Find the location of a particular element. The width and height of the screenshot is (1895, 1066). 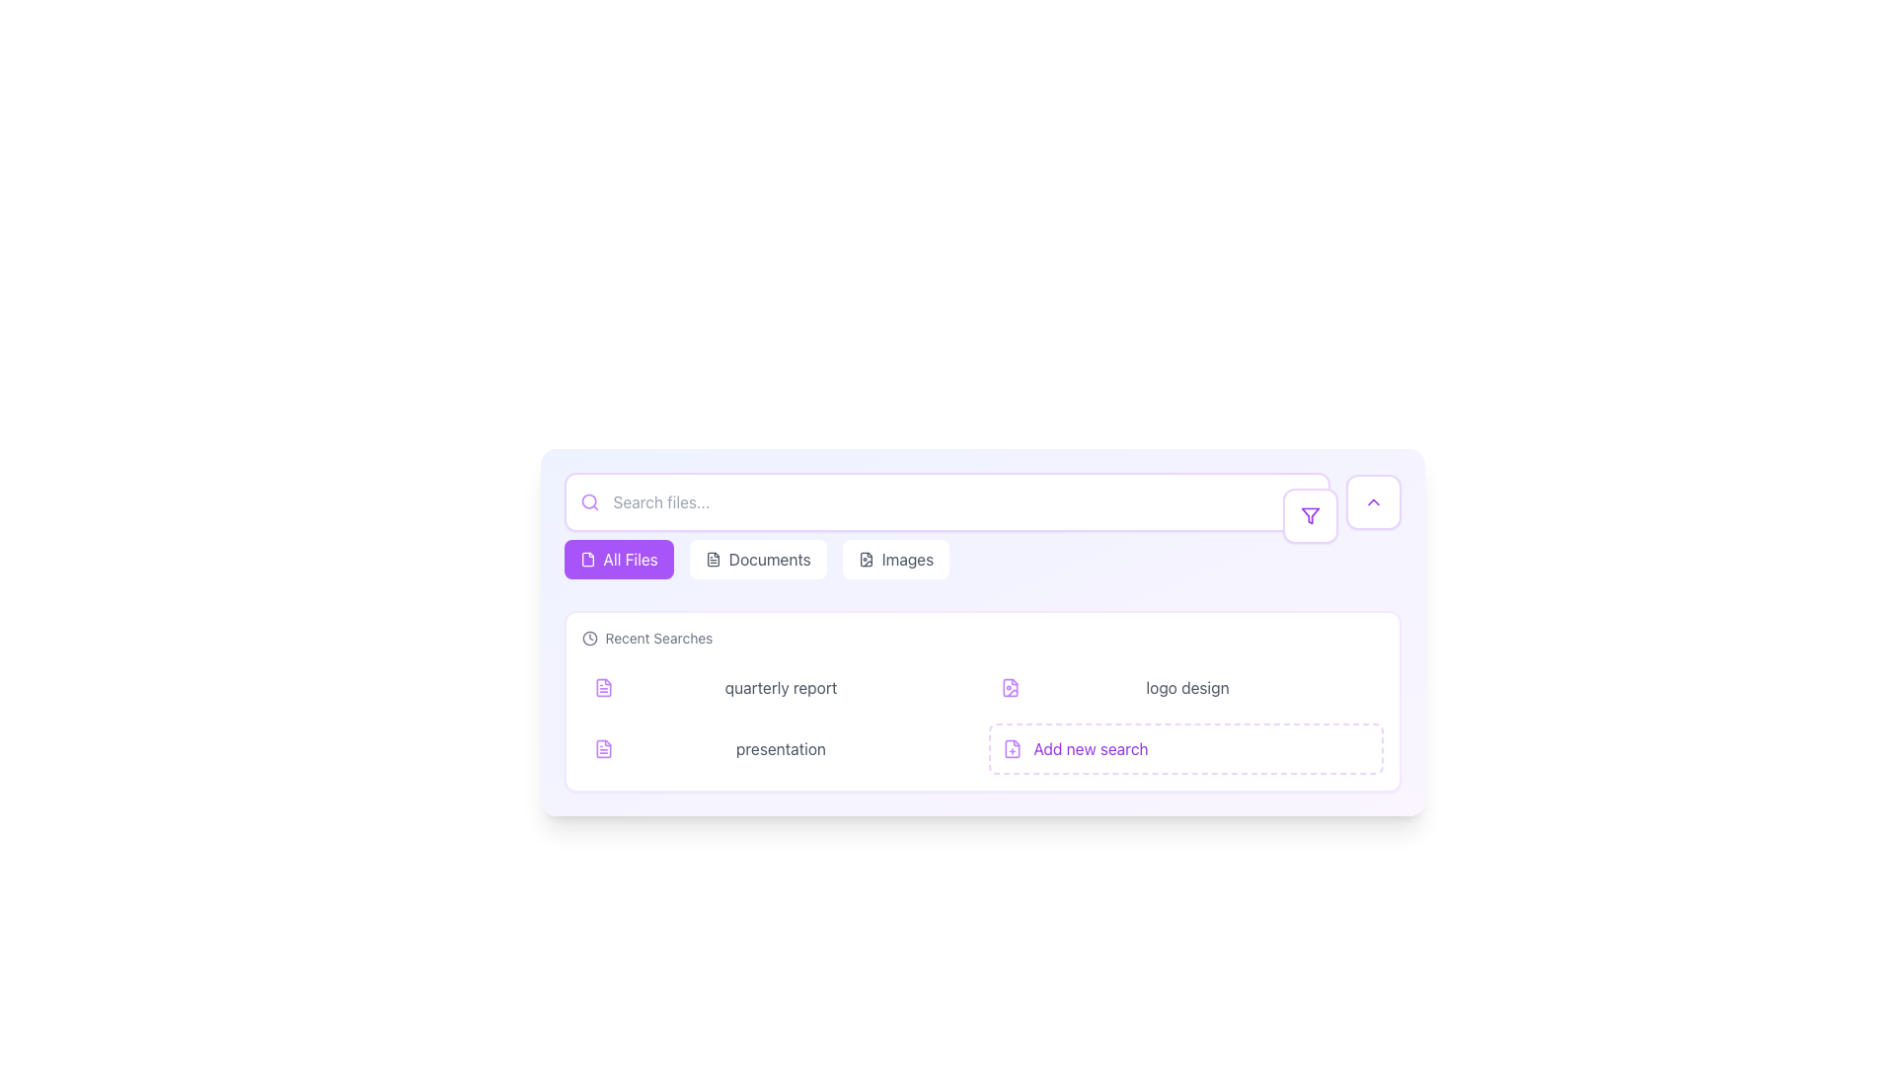

the 'Documents' text-based interactive tab located is located at coordinates (769, 560).